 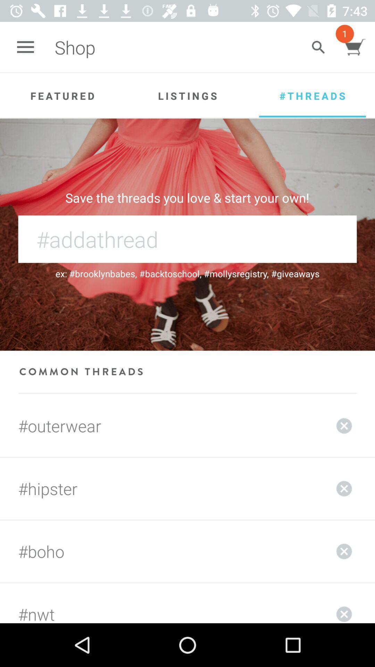 I want to click on search, so click(x=318, y=47).